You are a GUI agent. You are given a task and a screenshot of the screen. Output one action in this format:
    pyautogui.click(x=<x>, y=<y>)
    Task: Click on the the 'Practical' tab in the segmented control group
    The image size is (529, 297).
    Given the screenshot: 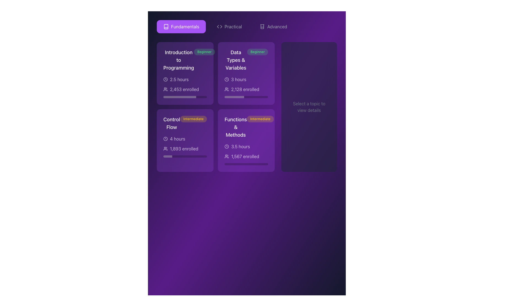 What is the action you would take?
    pyautogui.click(x=247, y=26)
    